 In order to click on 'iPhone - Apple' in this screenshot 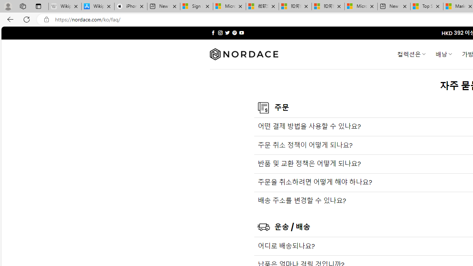, I will do `click(130, 6)`.